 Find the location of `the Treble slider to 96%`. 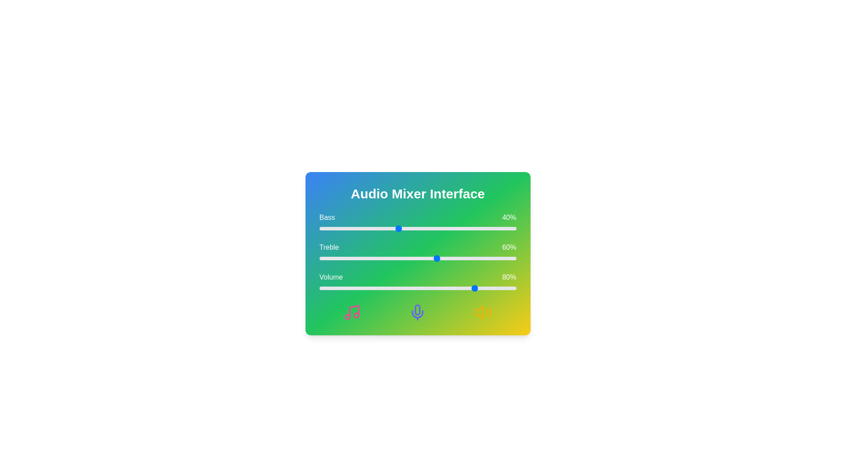

the Treble slider to 96% is located at coordinates (508, 258).